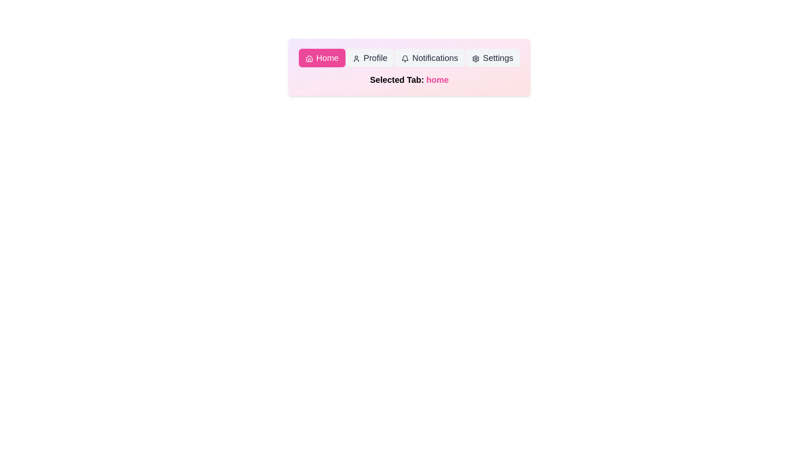 This screenshot has height=454, width=807. I want to click on the 'Home' button containing the pinkish house icon, which is the leftmost element, so click(309, 58).